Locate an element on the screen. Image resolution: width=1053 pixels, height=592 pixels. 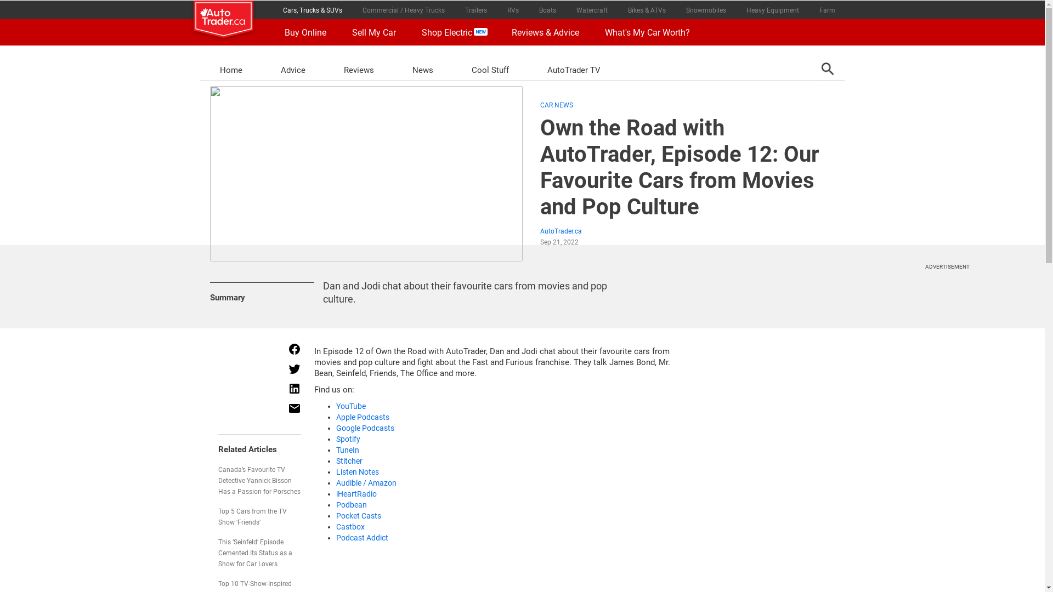
'Stitcher' is located at coordinates (348, 460).